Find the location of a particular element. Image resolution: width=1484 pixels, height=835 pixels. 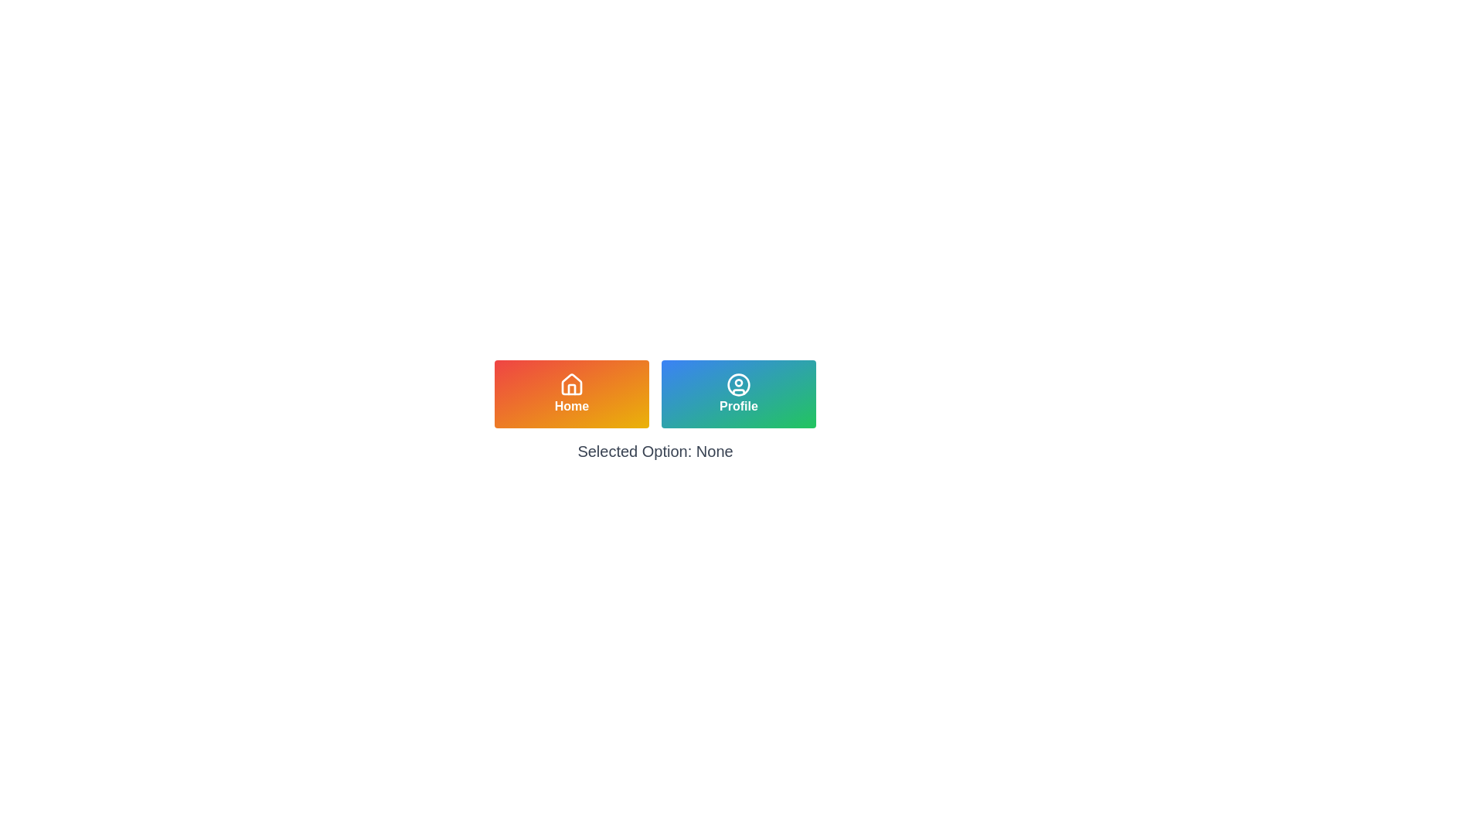

the rectangular button with a gradient background transitioning from red to yellow, which contains a white house icon and the text 'Home' is located at coordinates (570, 393).